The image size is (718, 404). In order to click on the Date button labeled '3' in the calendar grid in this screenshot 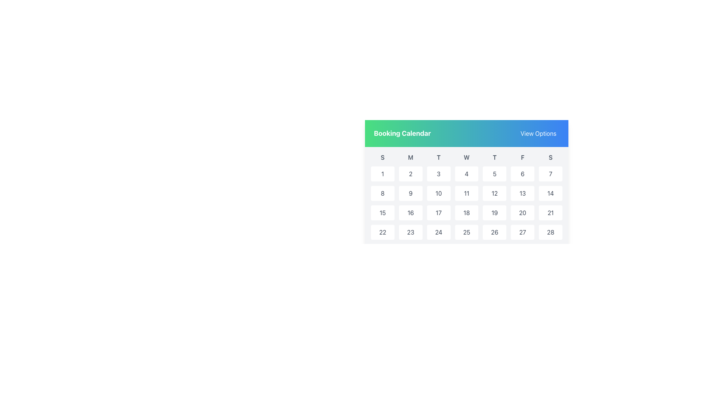, I will do `click(439, 174)`.